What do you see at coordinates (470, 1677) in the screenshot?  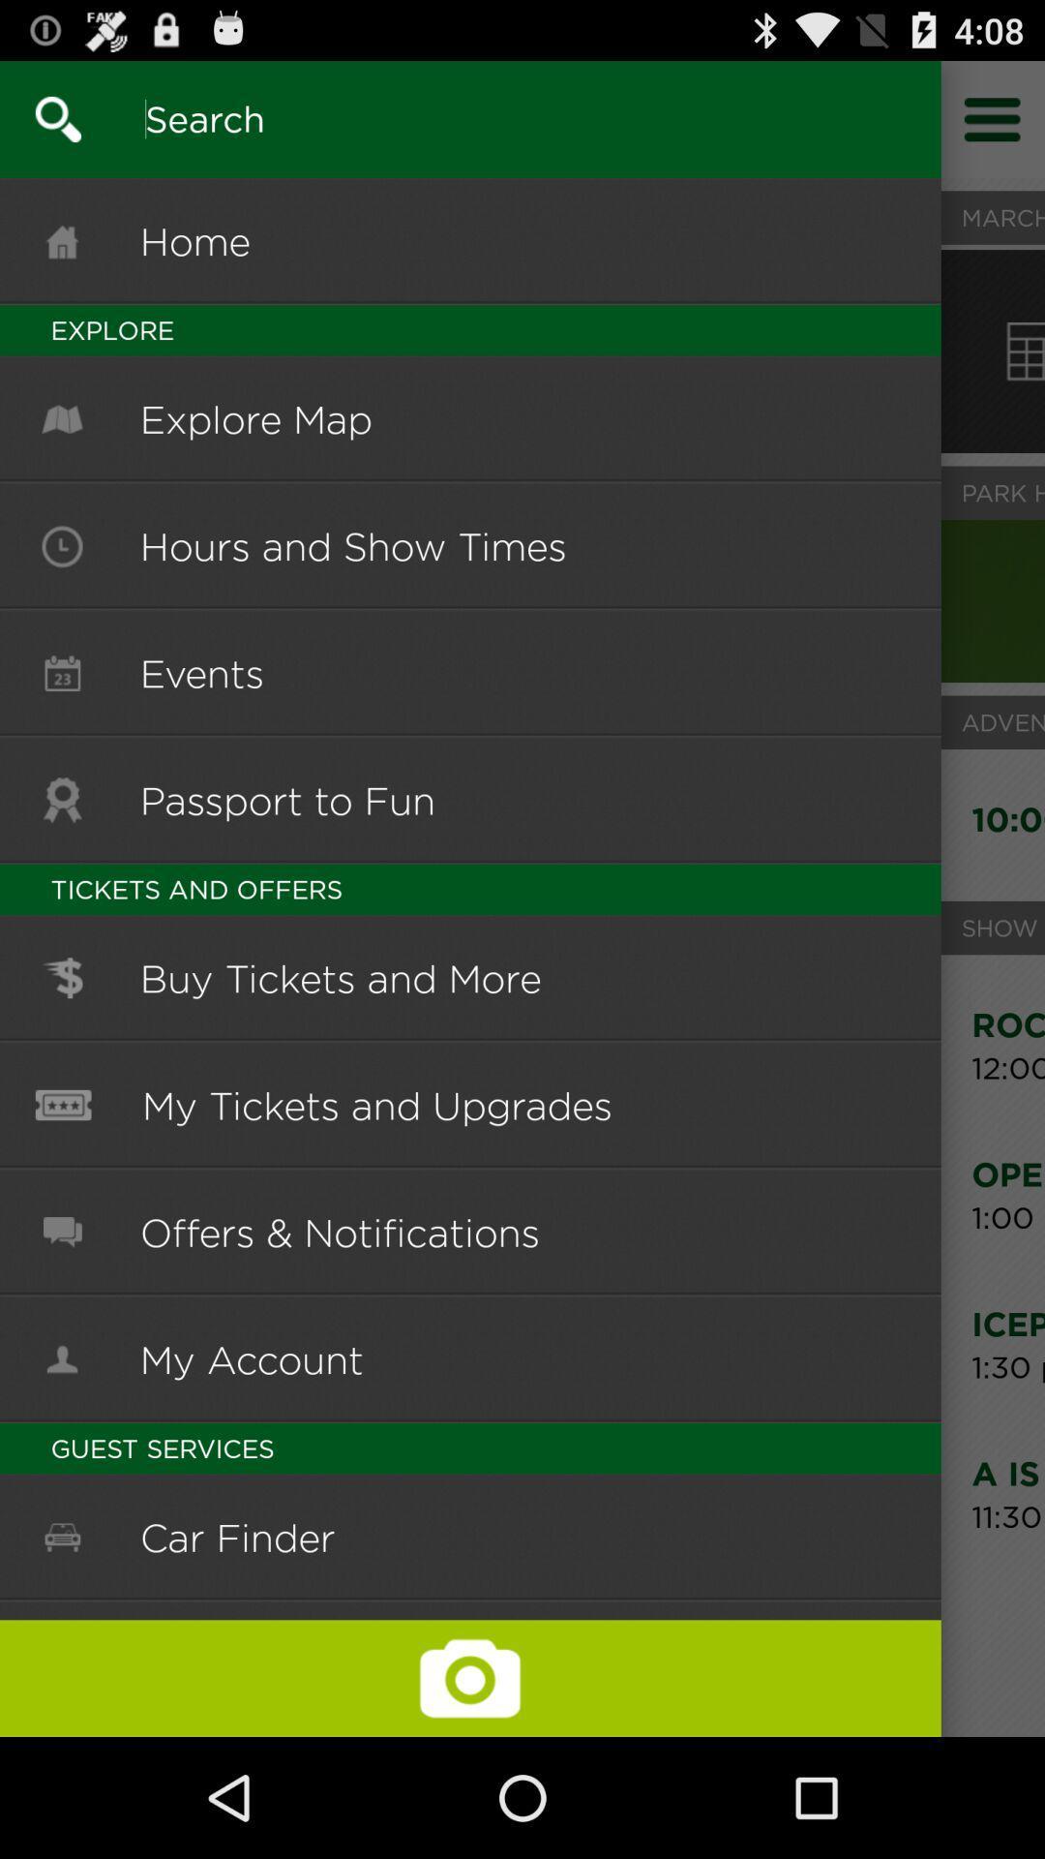 I see `the icon of camera below car finder` at bounding box center [470, 1677].